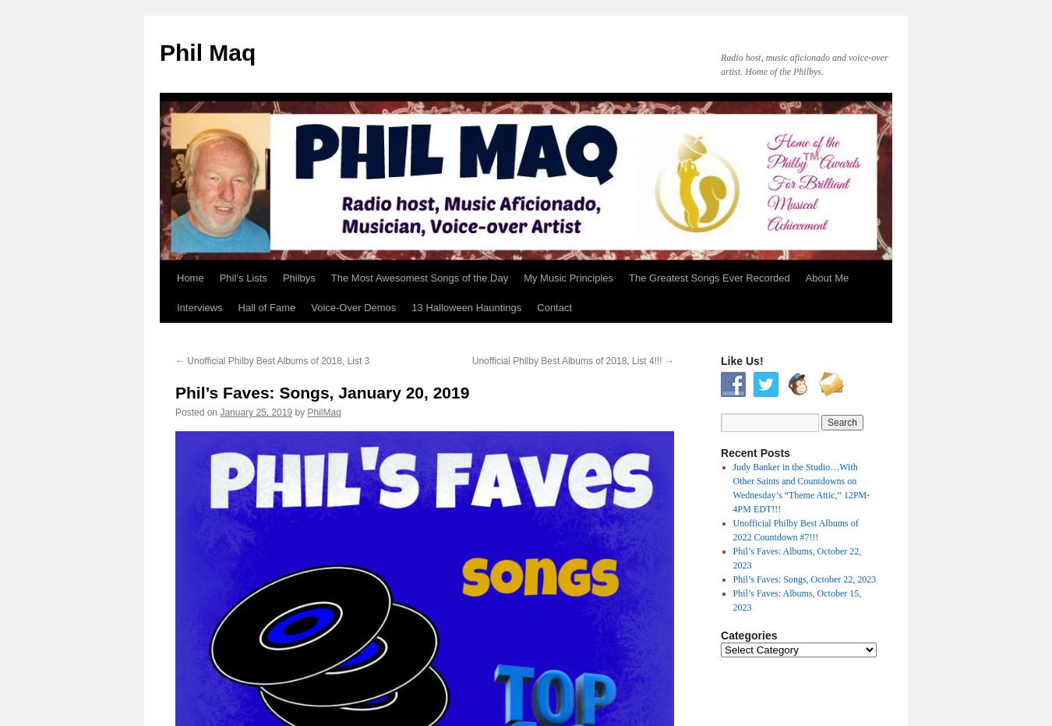 This screenshot has height=726, width=1052. Describe the element at coordinates (796, 558) in the screenshot. I see `'Phil’s Faves: Albums, October 22, 2023'` at that location.